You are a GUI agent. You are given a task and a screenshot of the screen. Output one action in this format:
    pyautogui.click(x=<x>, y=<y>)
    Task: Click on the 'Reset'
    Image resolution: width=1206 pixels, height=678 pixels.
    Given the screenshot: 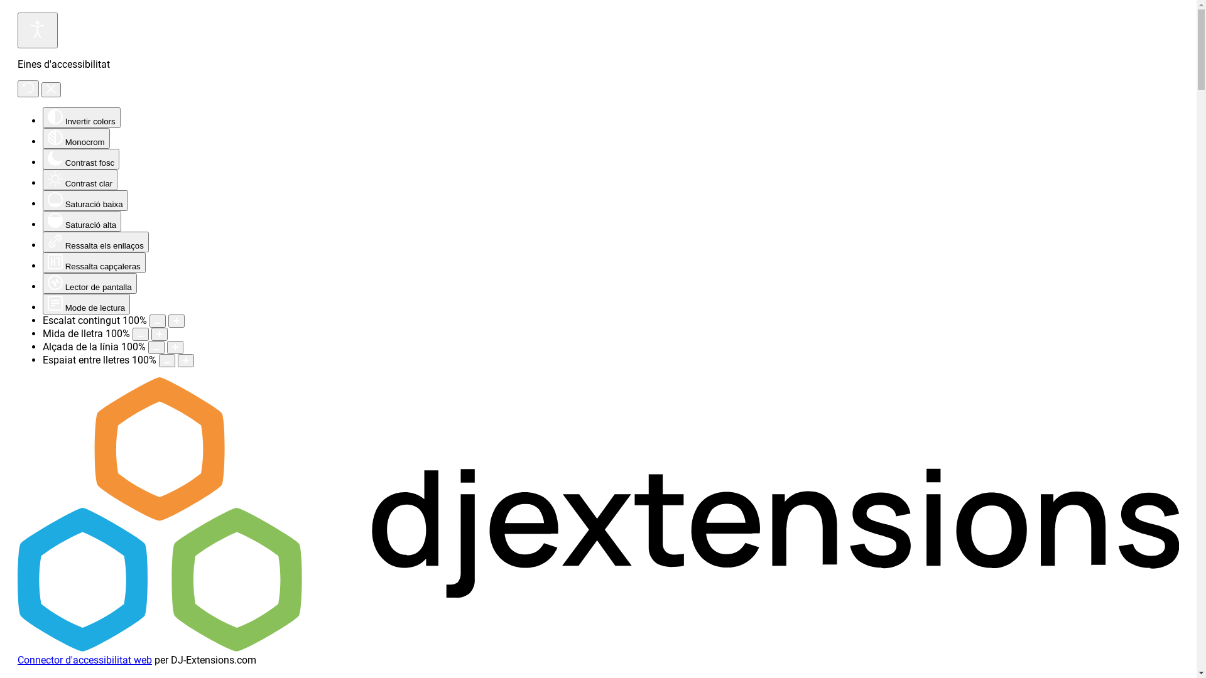 What is the action you would take?
    pyautogui.click(x=18, y=88)
    